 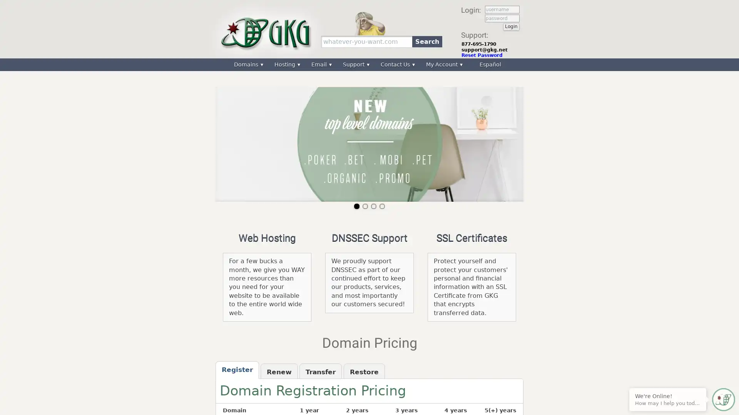 I want to click on Login, so click(x=511, y=26).